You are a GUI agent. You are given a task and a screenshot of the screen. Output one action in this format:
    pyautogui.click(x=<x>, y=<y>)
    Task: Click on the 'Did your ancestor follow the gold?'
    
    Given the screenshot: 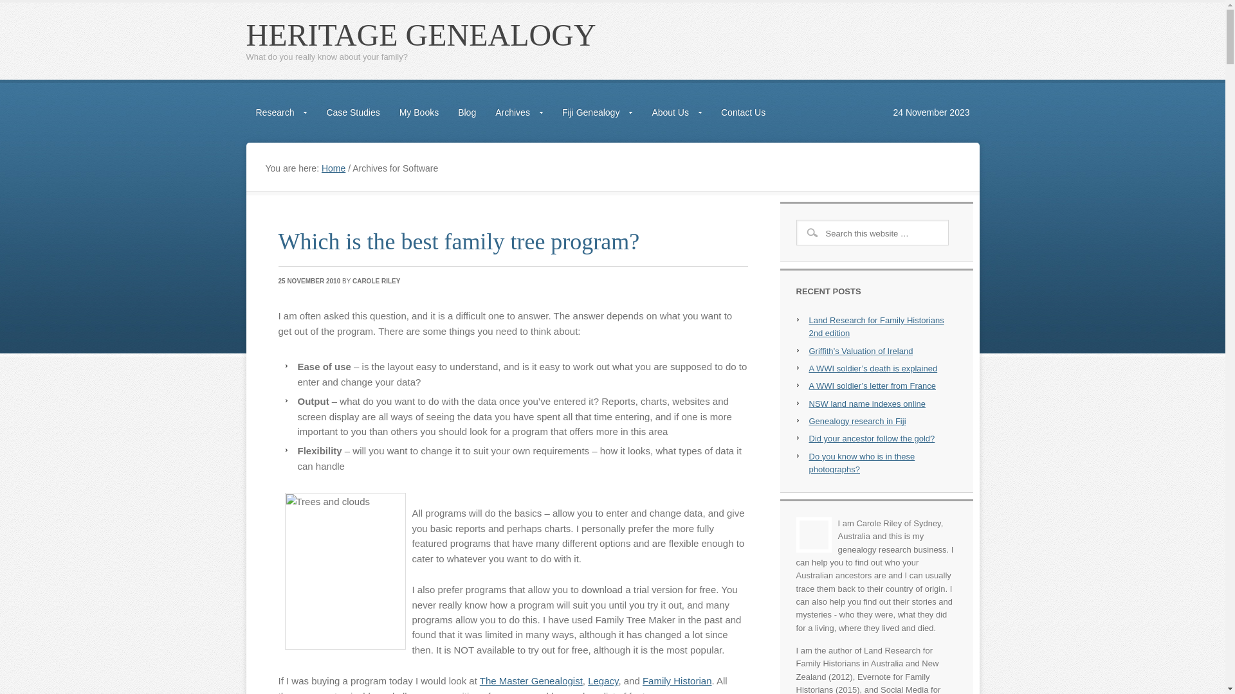 What is the action you would take?
    pyautogui.click(x=872, y=438)
    